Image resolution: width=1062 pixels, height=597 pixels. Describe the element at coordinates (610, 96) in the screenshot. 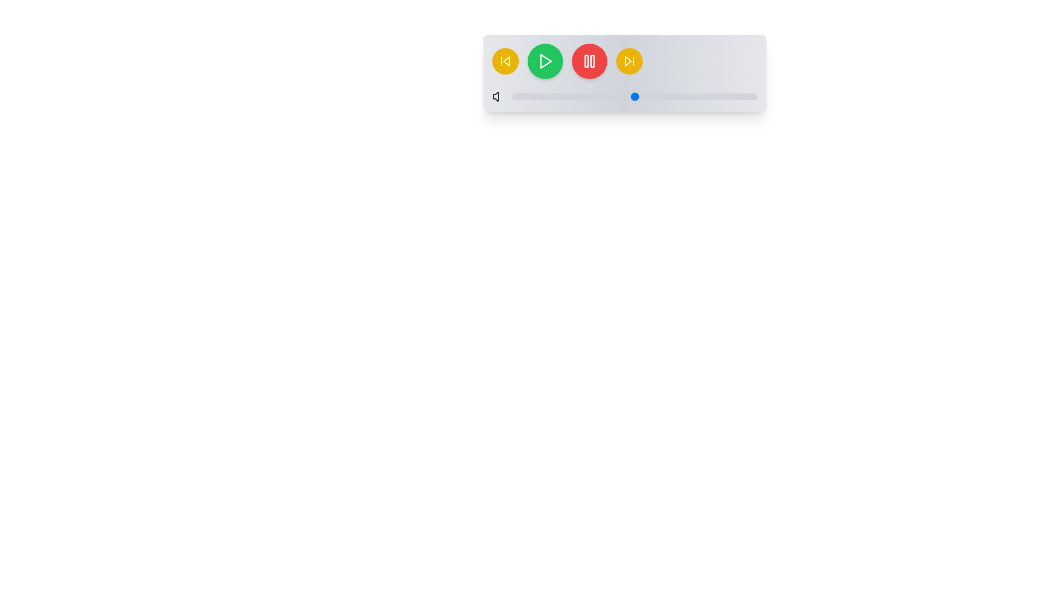

I see `the slider position` at that location.